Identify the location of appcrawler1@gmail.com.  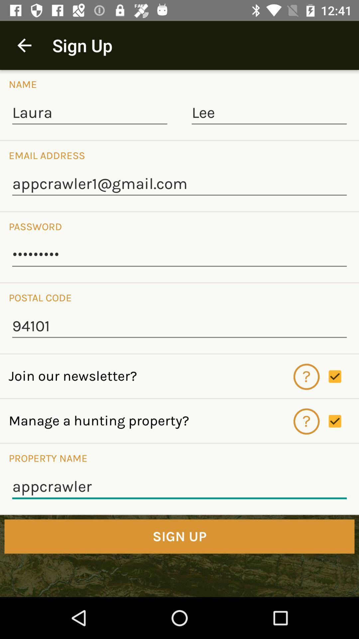
(179, 184).